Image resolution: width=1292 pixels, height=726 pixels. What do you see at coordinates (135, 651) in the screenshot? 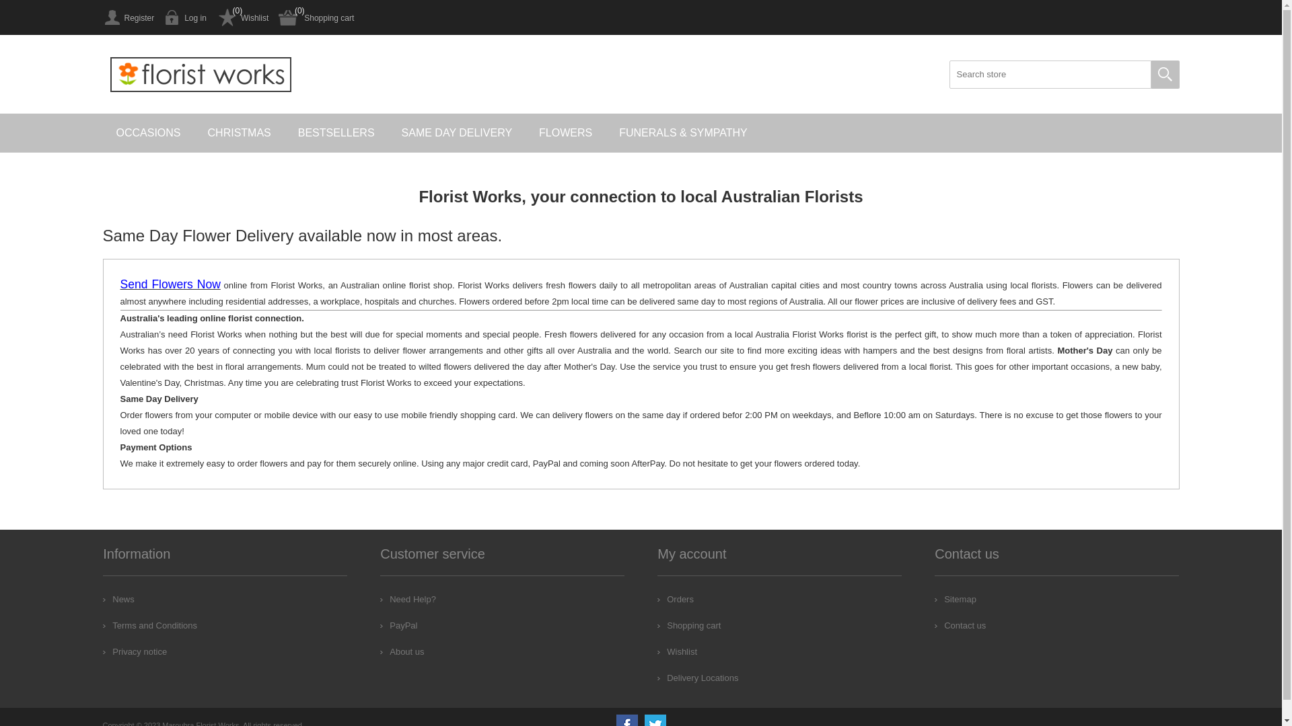
I see `'Privacy notice'` at bounding box center [135, 651].